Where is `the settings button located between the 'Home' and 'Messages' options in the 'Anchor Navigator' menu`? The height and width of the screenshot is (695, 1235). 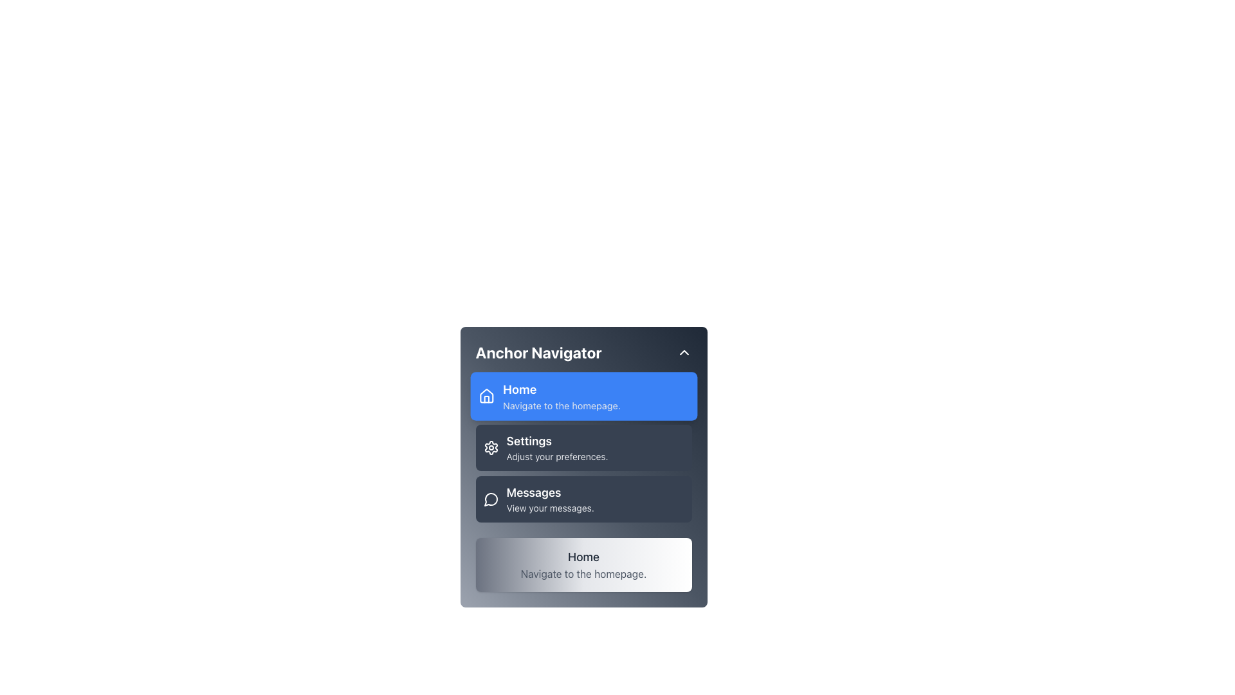
the settings button located between the 'Home' and 'Messages' options in the 'Anchor Navigator' menu is located at coordinates (583, 467).